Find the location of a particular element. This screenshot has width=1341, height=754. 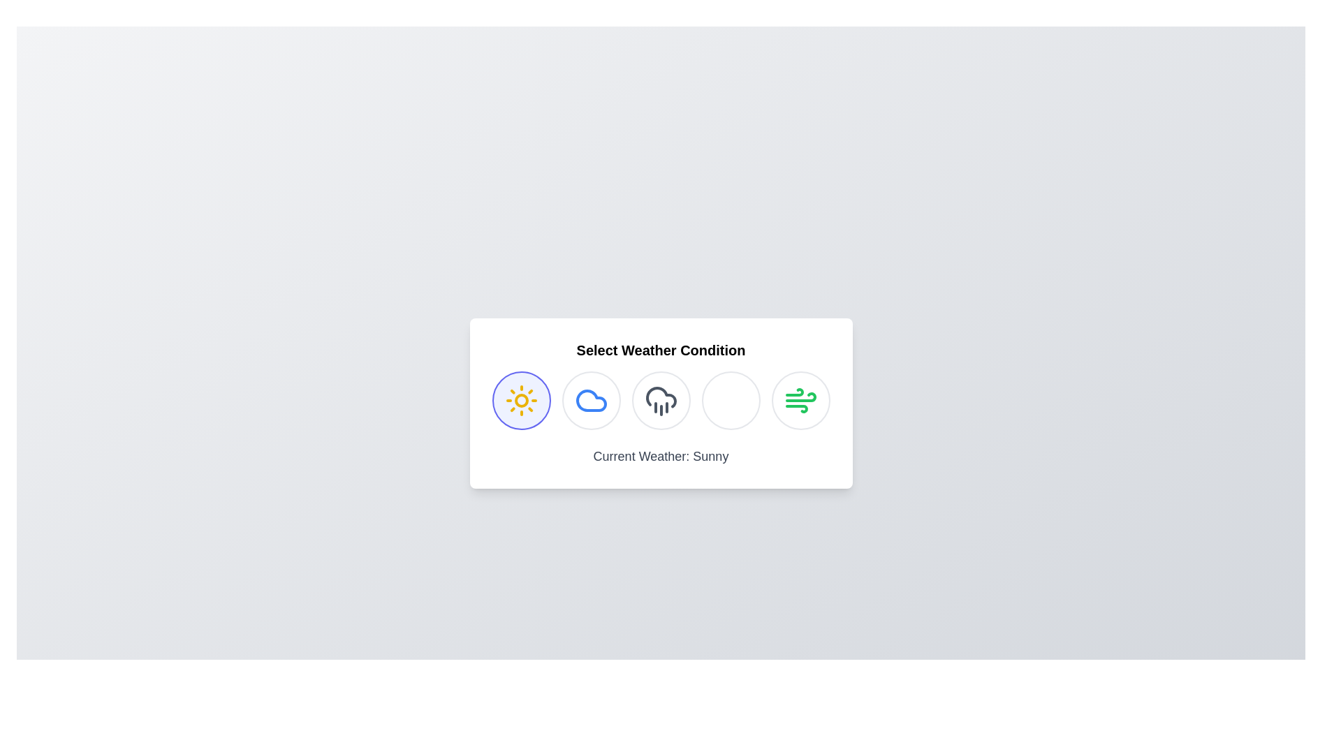

the weather condition selector icon that represents 'cloudy' weather by navigating through keyboard input is located at coordinates (591, 401).